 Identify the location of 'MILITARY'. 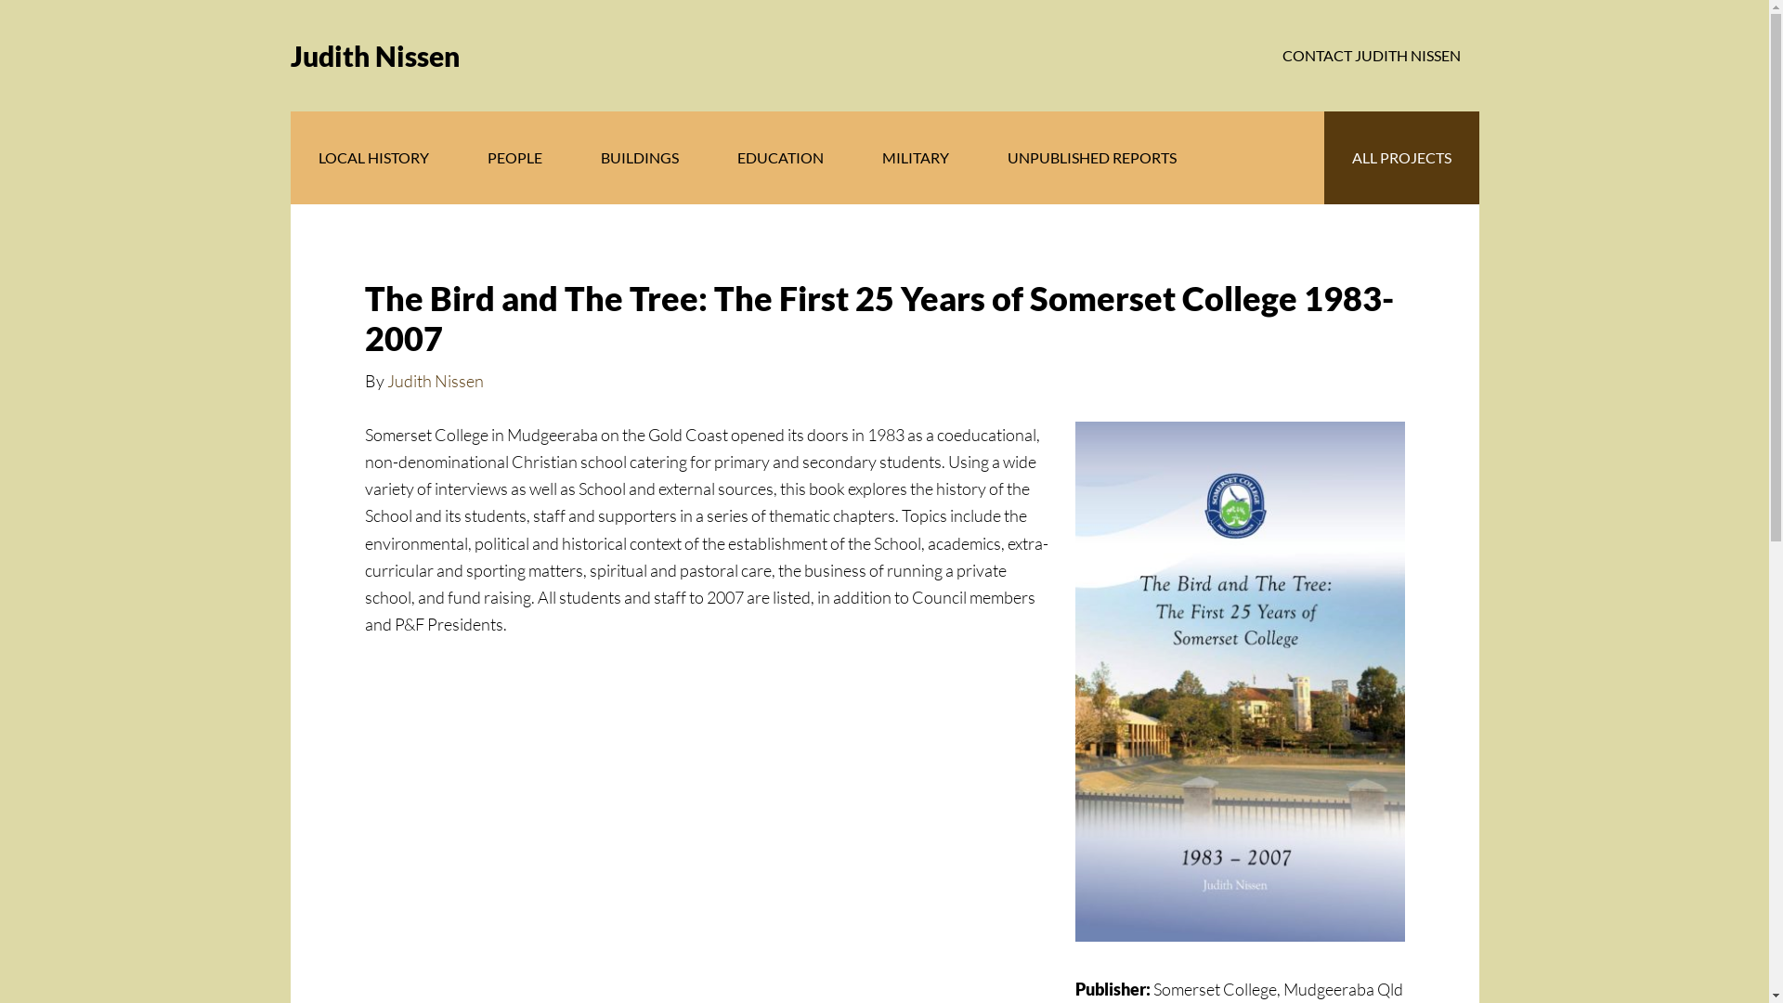
(915, 156).